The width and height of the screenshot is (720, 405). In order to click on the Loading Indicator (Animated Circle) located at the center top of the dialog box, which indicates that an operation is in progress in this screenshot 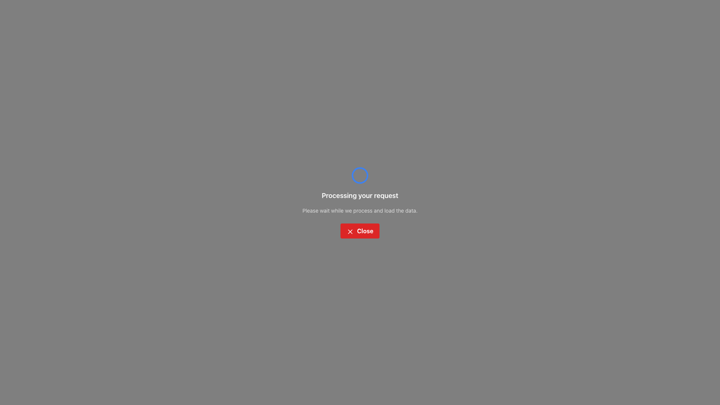, I will do `click(360, 175)`.